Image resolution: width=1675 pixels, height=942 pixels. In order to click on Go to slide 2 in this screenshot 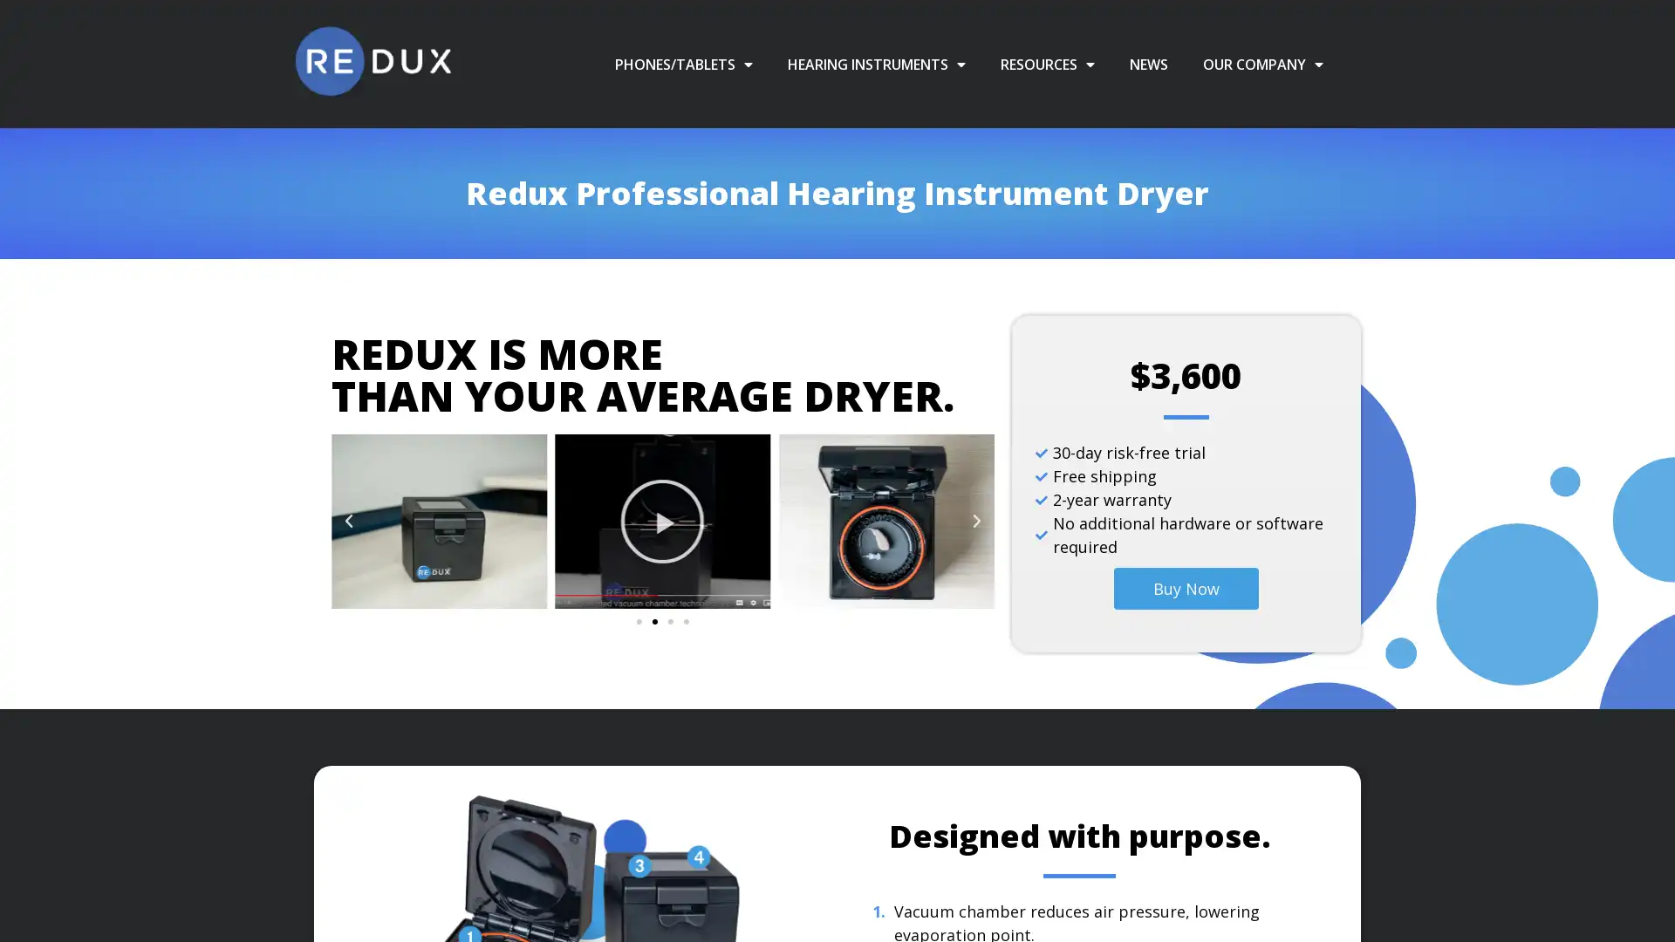, I will do `click(653, 621)`.